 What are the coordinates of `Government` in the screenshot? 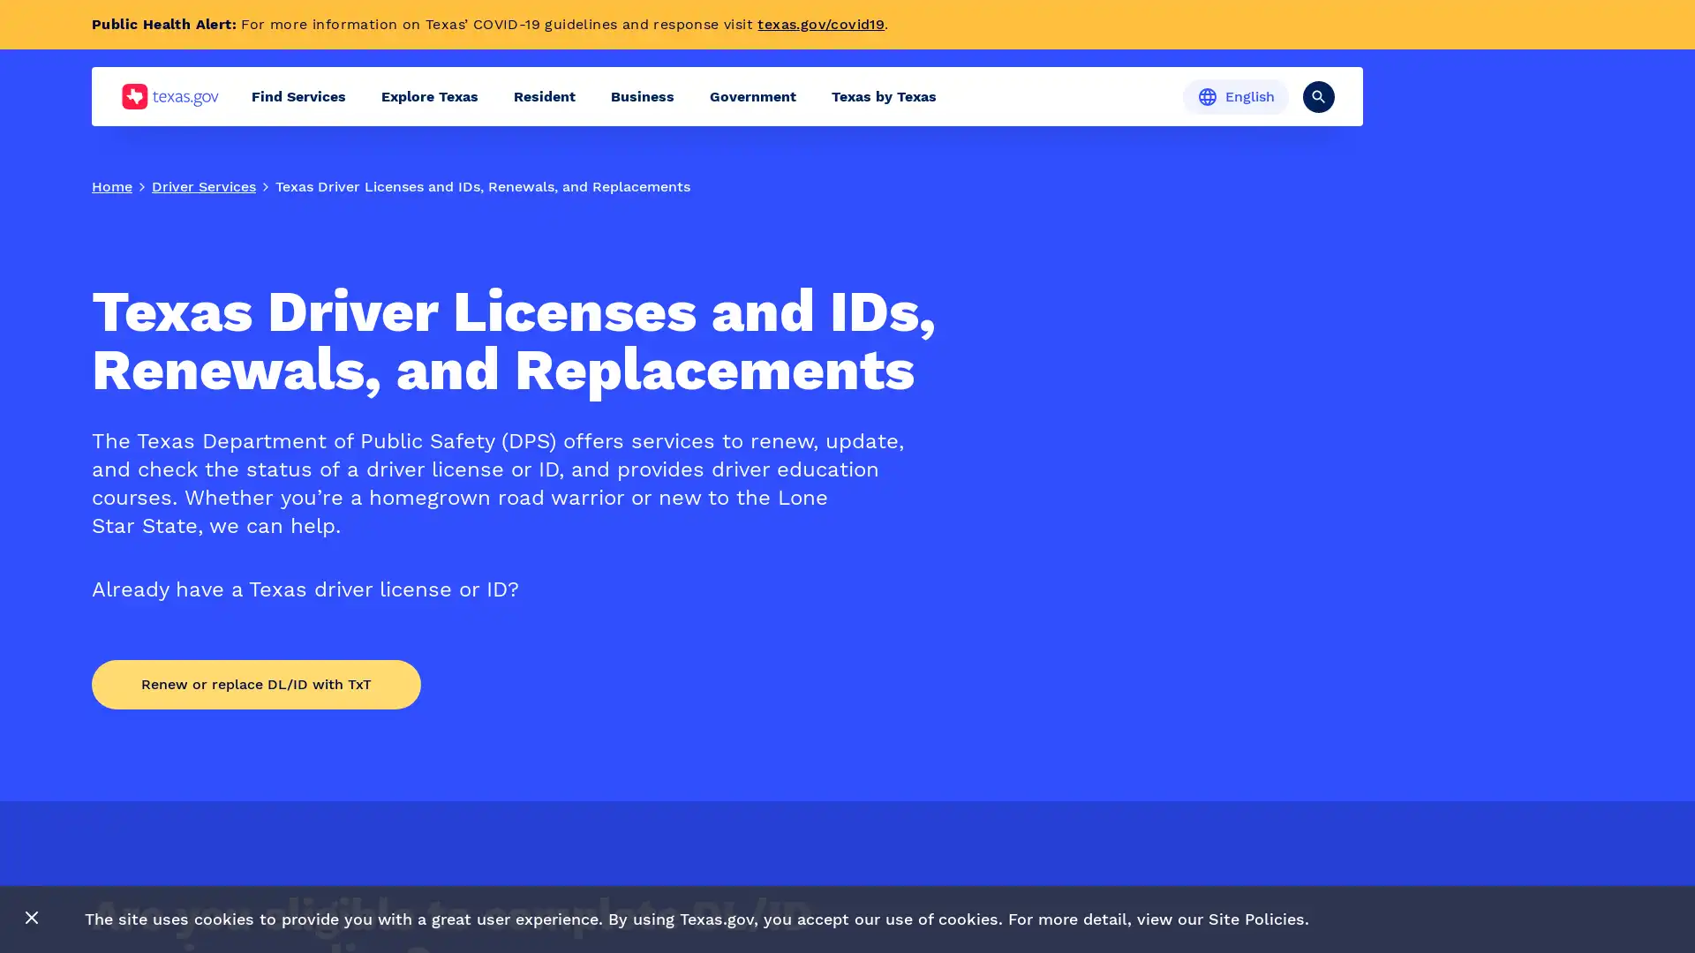 It's located at (753, 96).